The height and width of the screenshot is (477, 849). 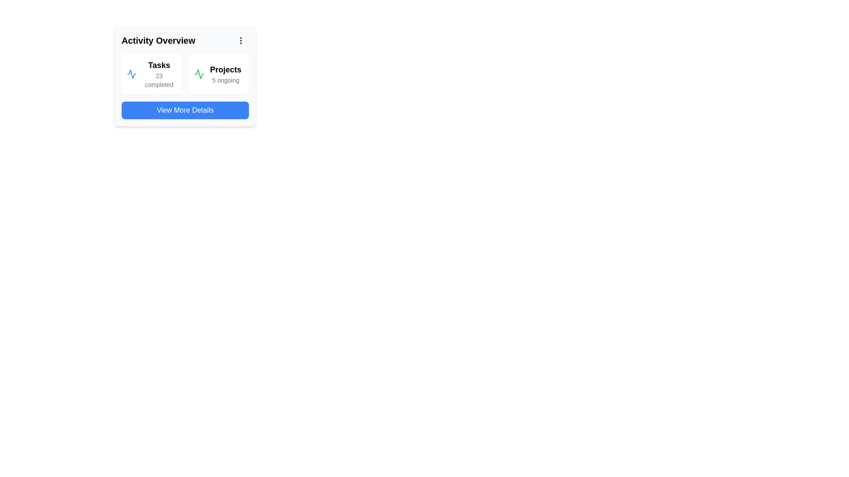 What do you see at coordinates (184, 74) in the screenshot?
I see `the Grid layout containing informational blocks that displays 'Tasks' and 'Projects' in the 'Activity Overview' section` at bounding box center [184, 74].